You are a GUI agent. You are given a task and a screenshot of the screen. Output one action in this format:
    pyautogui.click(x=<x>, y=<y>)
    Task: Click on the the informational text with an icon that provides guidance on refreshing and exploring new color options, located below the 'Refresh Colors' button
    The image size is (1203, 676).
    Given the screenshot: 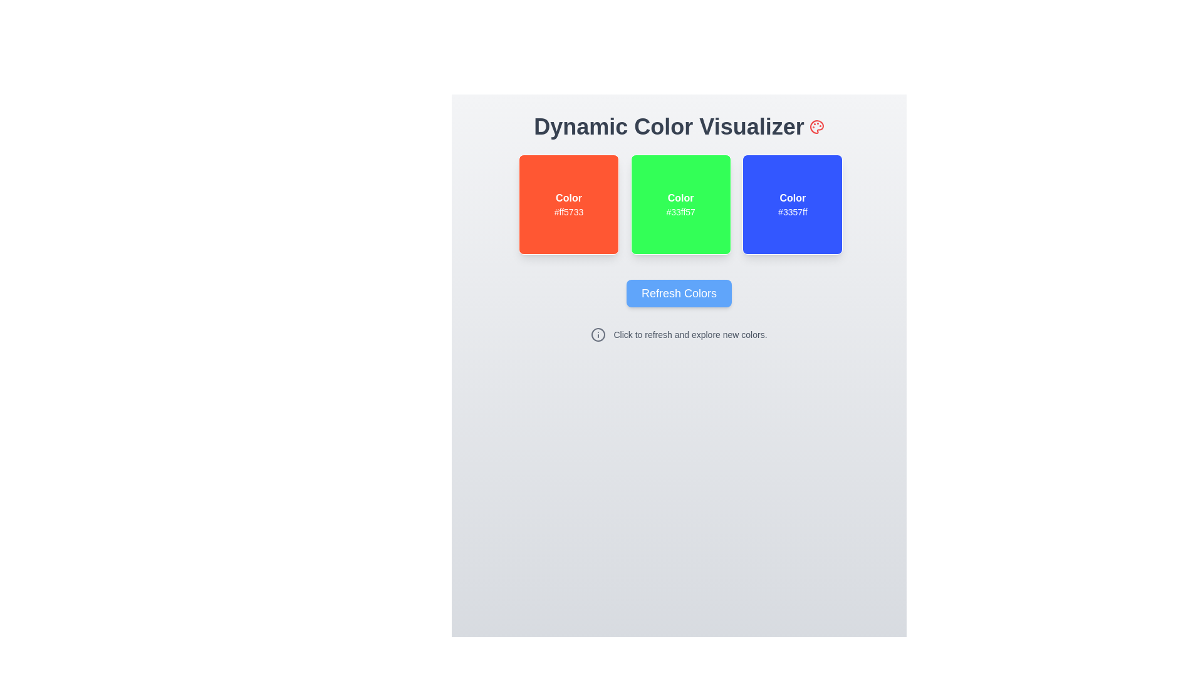 What is the action you would take?
    pyautogui.click(x=679, y=334)
    